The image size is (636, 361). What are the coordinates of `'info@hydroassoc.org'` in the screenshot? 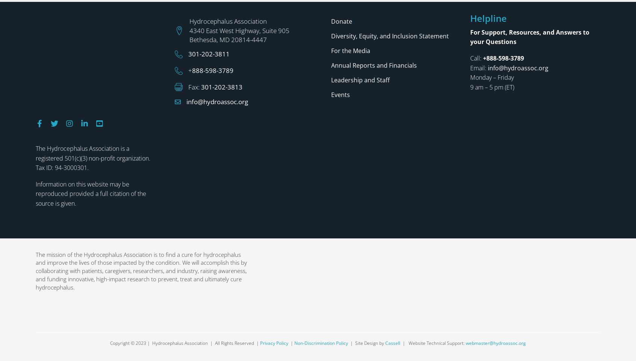 It's located at (186, 5).